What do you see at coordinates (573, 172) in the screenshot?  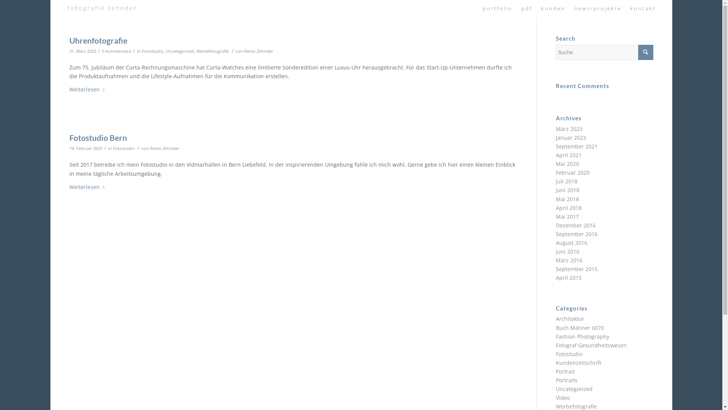 I see `'Februar 2020'` at bounding box center [573, 172].